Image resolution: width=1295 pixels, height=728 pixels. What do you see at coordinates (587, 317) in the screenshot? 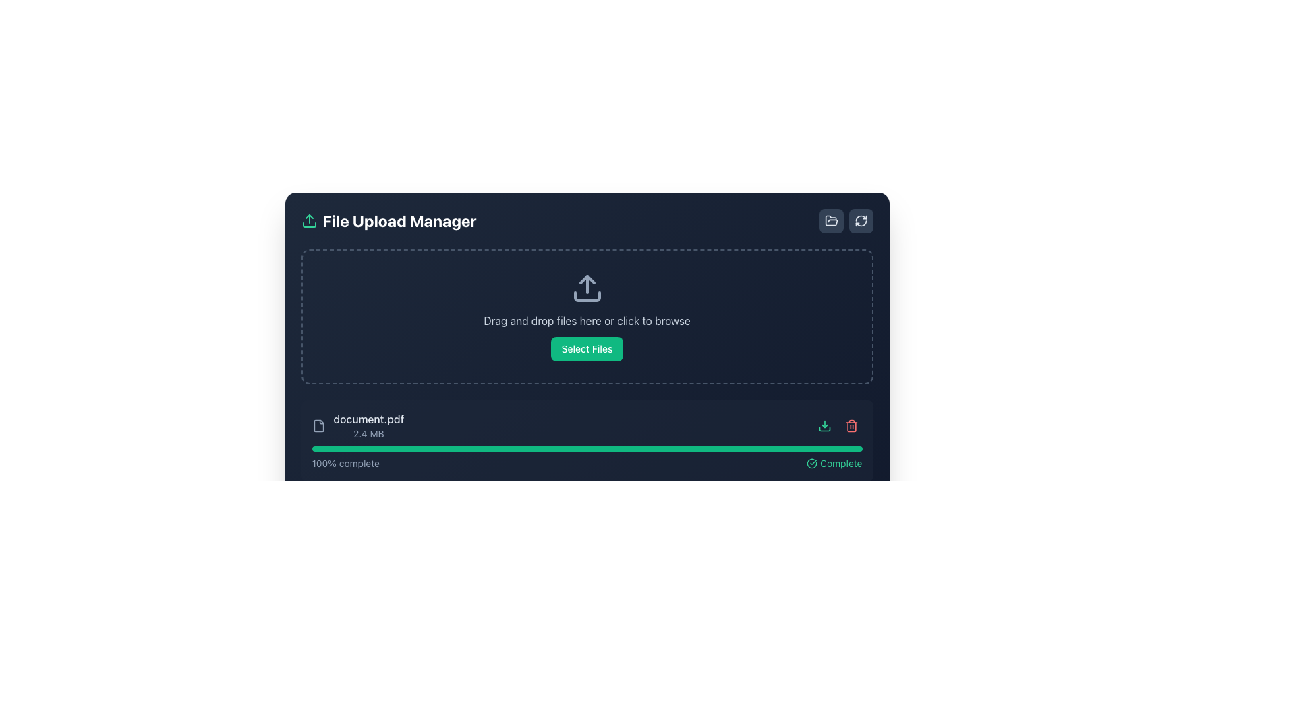
I see `the file upload area or accompanying button in the 'File Upload Manager'` at bounding box center [587, 317].